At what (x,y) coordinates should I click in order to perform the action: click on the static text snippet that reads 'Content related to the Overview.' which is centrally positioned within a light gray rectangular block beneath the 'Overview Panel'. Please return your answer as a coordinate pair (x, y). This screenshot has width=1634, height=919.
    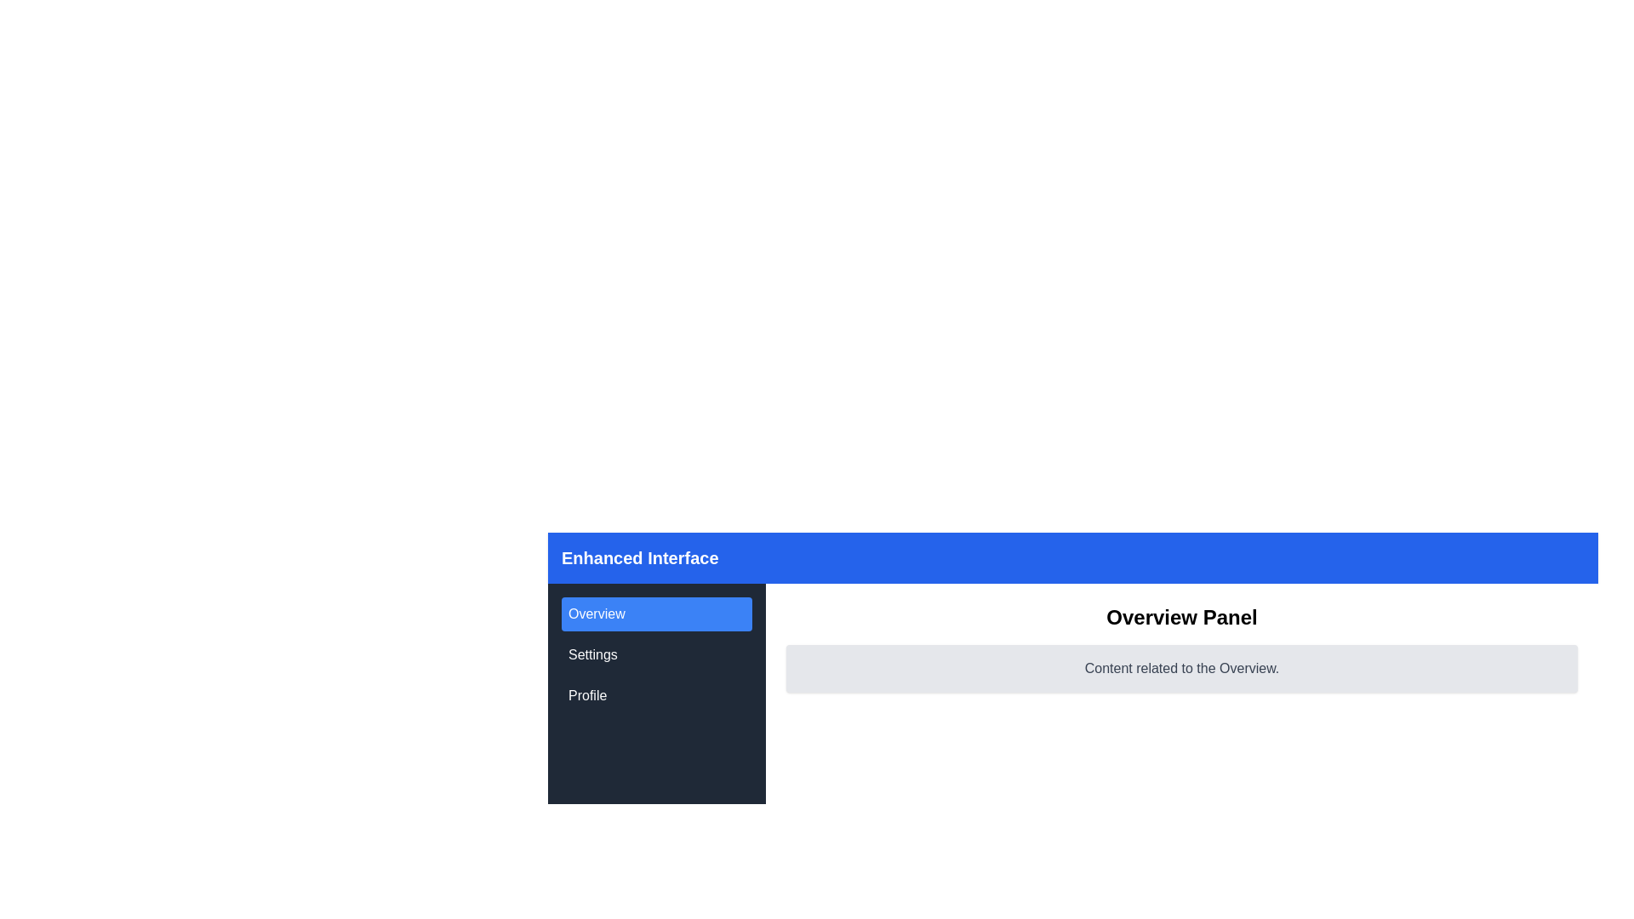
    Looking at the image, I should click on (1180, 668).